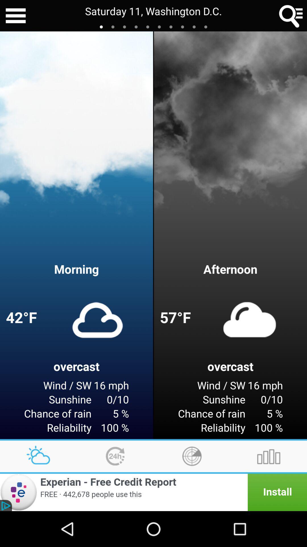 This screenshot has height=547, width=307. Describe the element at coordinates (153, 492) in the screenshot. I see `an advertisement` at that location.